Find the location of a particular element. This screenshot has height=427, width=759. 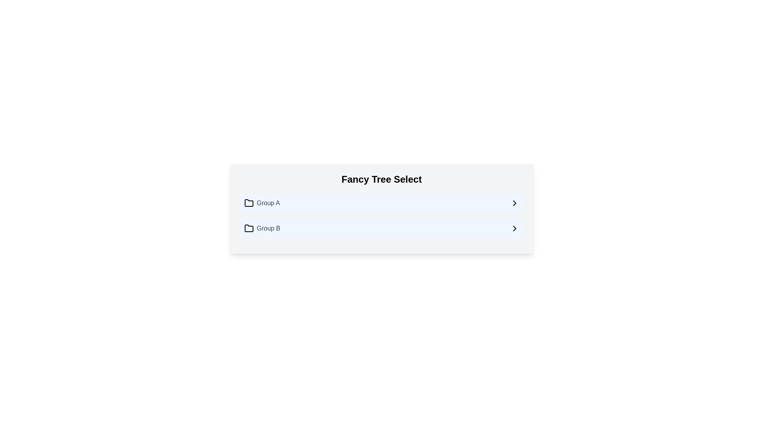

the static text label that identifies the first group in the list, positioned to the right of the folder icon is located at coordinates (268, 202).